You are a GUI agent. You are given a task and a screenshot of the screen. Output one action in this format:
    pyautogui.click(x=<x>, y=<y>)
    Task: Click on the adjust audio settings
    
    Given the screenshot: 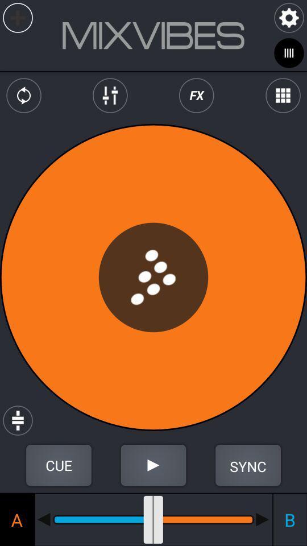 What is the action you would take?
    pyautogui.click(x=110, y=95)
    